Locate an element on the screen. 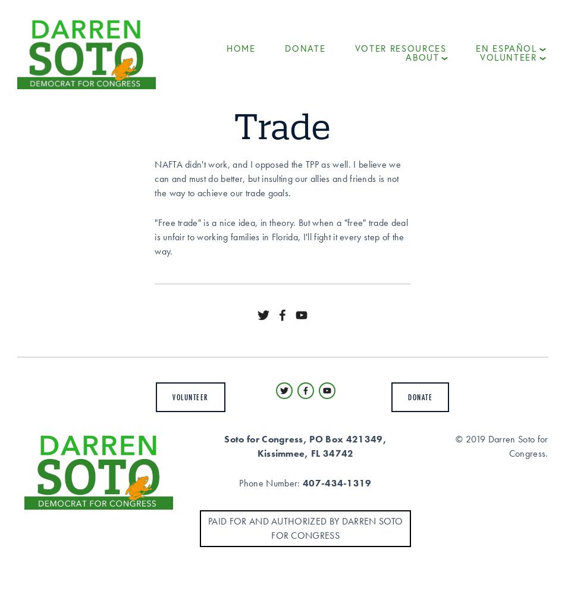  'More Photos' is located at coordinates (440, 160).